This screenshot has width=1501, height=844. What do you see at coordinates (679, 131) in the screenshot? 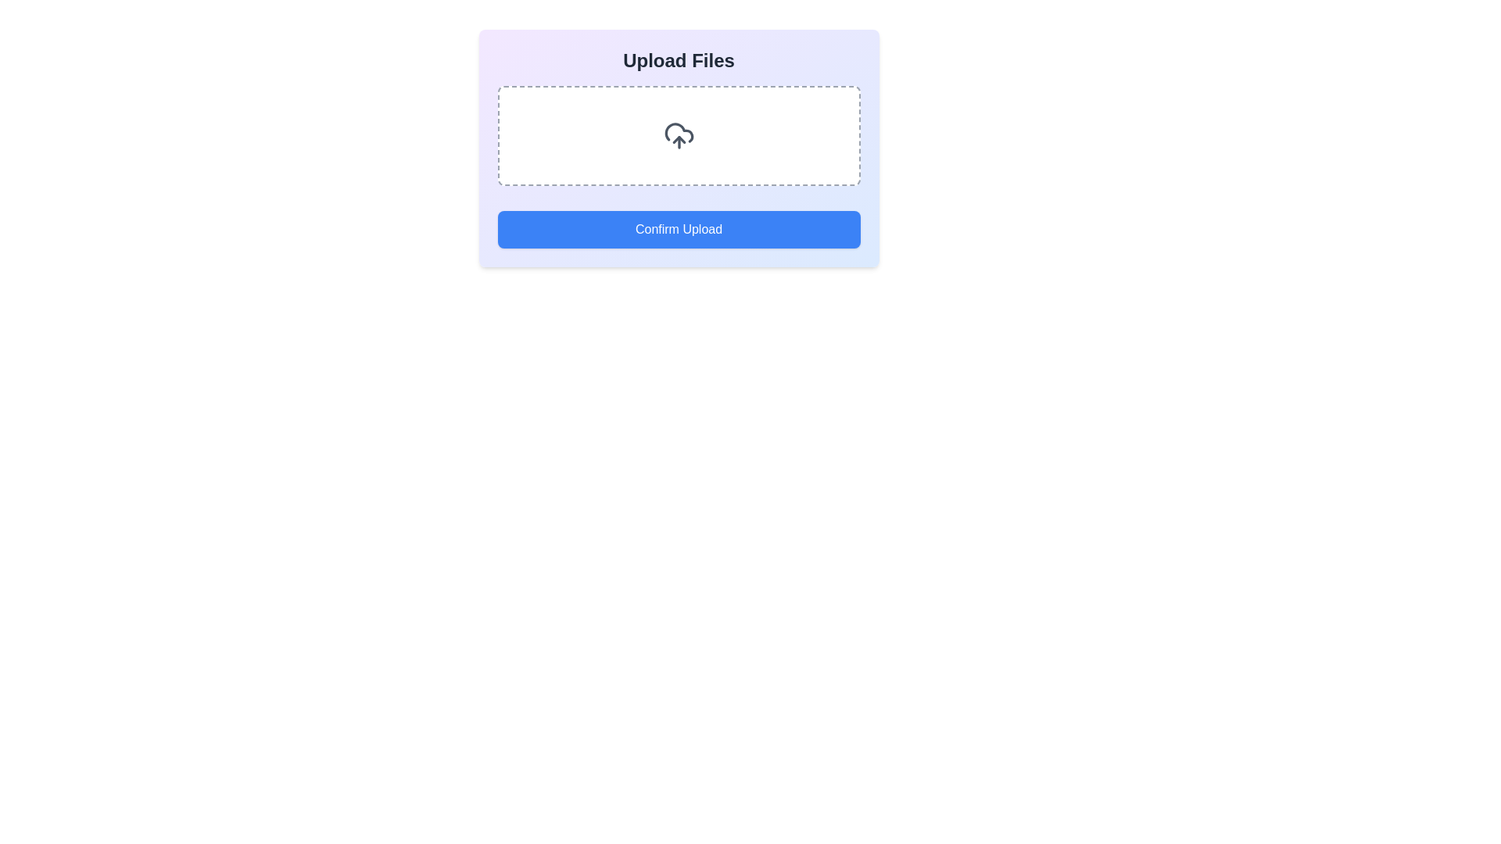
I see `the decorative vector graphic element that represents a cloud in the cloud upload icon, positioned centrally beneath the top arc of the cloud-shaped outline` at bounding box center [679, 131].